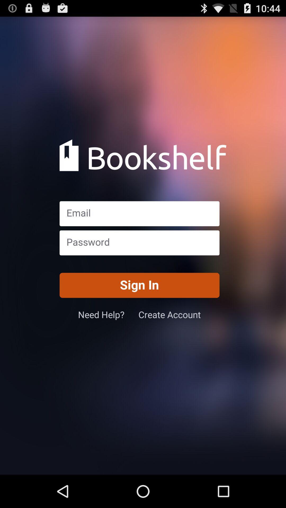 The height and width of the screenshot is (508, 286). What do you see at coordinates (169, 314) in the screenshot?
I see `button below the sign in button` at bounding box center [169, 314].